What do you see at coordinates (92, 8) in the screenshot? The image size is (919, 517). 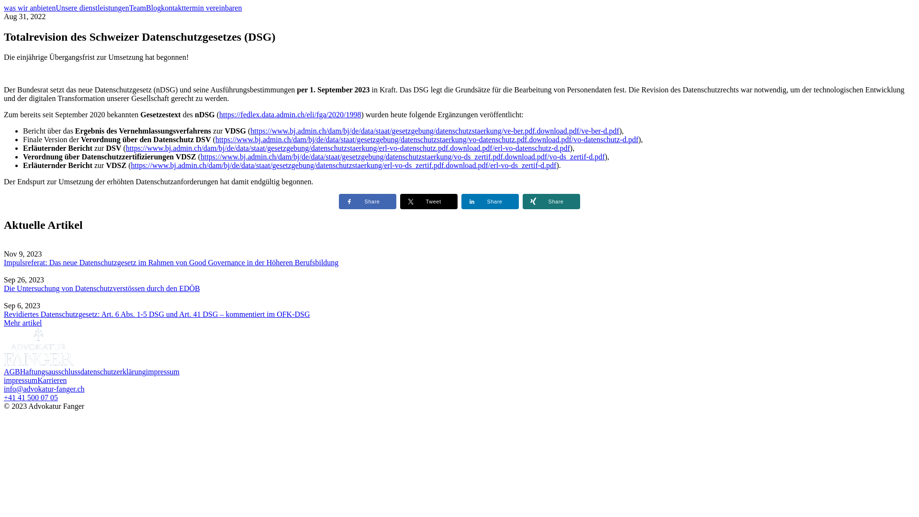 I see `'Unsere dienstleistungen'` at bounding box center [92, 8].